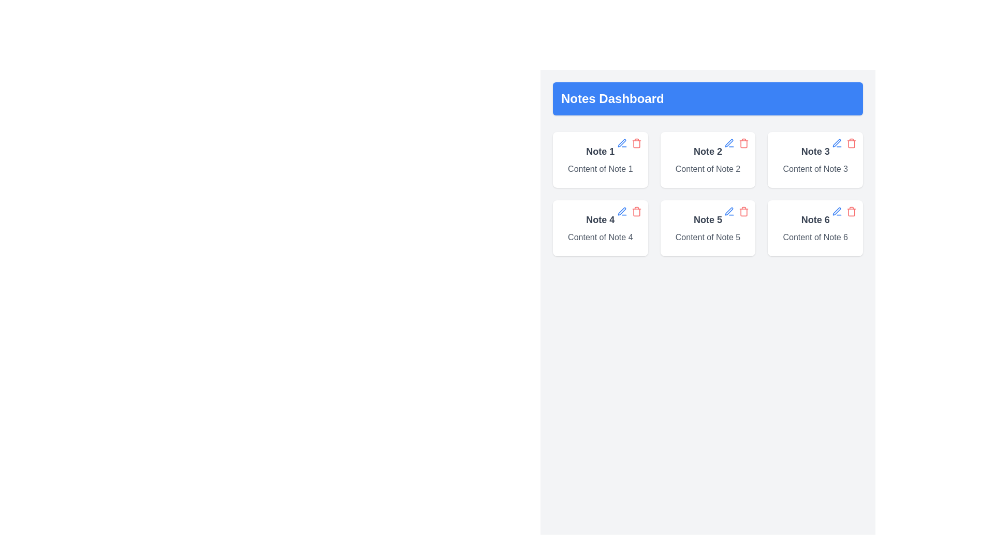  What do you see at coordinates (844, 211) in the screenshot?
I see `the interactive icon group in the top-right corner of the 'Note 6' card, which includes the pen and trash bin icons` at bounding box center [844, 211].